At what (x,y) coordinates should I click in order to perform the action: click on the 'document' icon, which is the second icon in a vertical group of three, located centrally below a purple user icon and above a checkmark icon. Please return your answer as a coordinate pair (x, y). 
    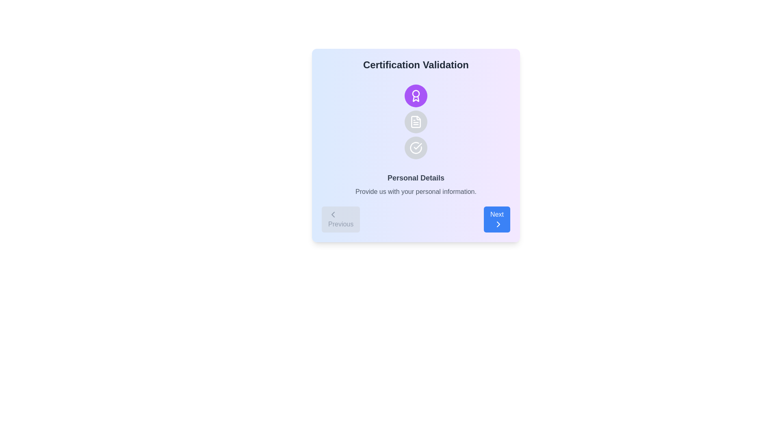
    Looking at the image, I should click on (416, 122).